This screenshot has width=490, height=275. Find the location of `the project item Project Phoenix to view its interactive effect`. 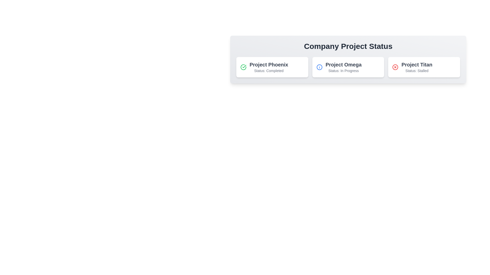

the project item Project Phoenix to view its interactive effect is located at coordinates (272, 67).